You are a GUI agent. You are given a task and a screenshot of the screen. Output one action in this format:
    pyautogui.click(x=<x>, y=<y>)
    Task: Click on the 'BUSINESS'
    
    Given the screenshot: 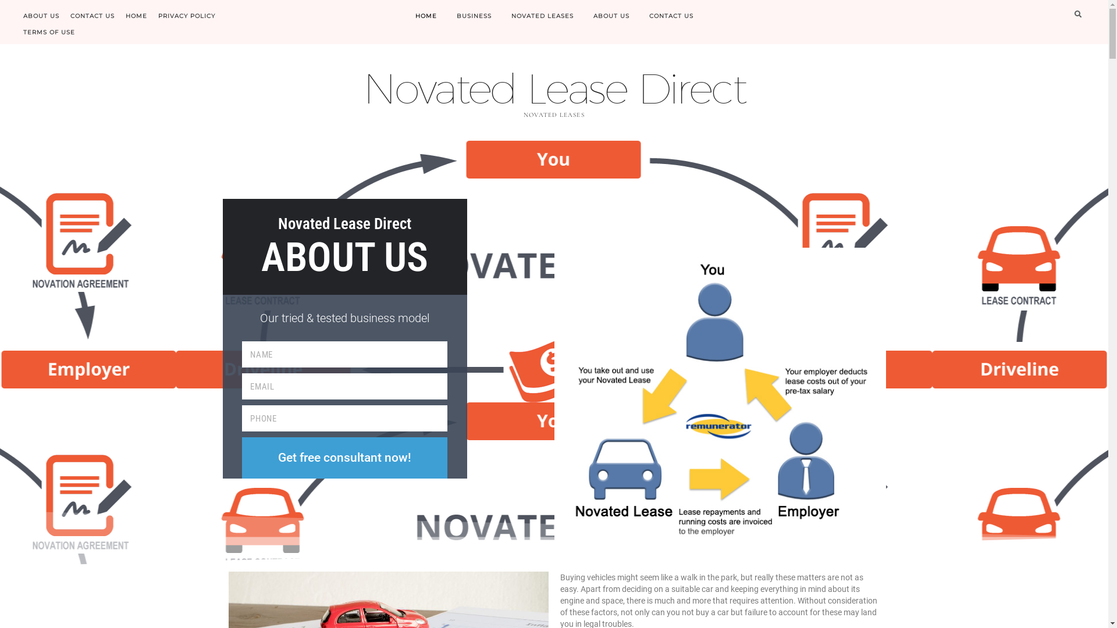 What is the action you would take?
    pyautogui.click(x=447, y=16)
    